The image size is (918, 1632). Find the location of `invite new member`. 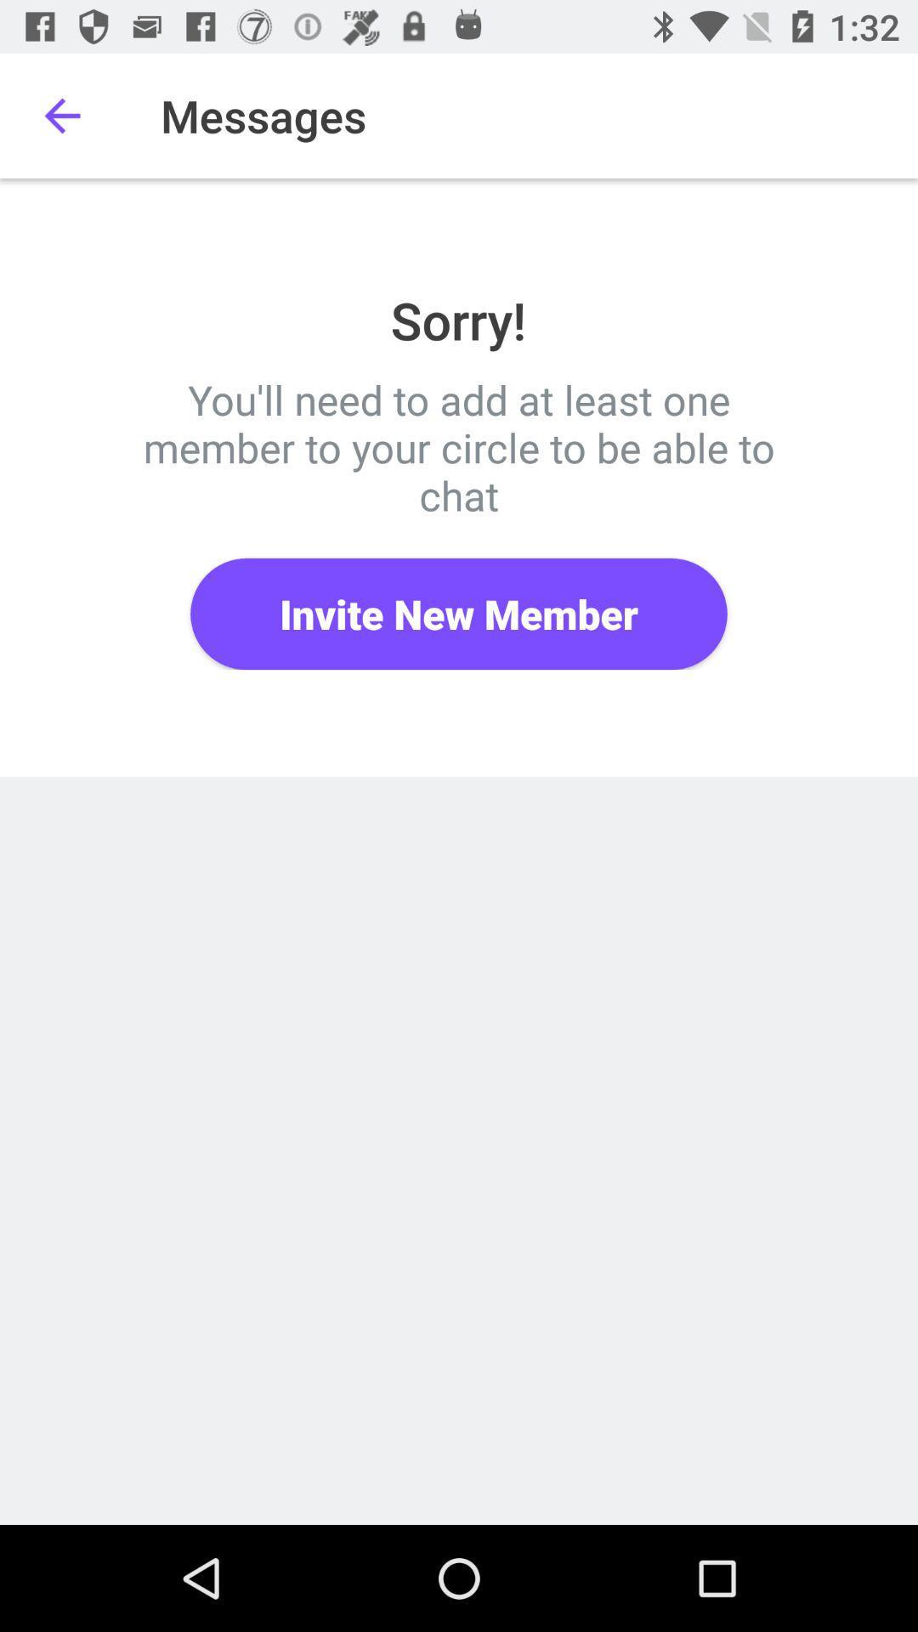

invite new member is located at coordinates (459, 613).